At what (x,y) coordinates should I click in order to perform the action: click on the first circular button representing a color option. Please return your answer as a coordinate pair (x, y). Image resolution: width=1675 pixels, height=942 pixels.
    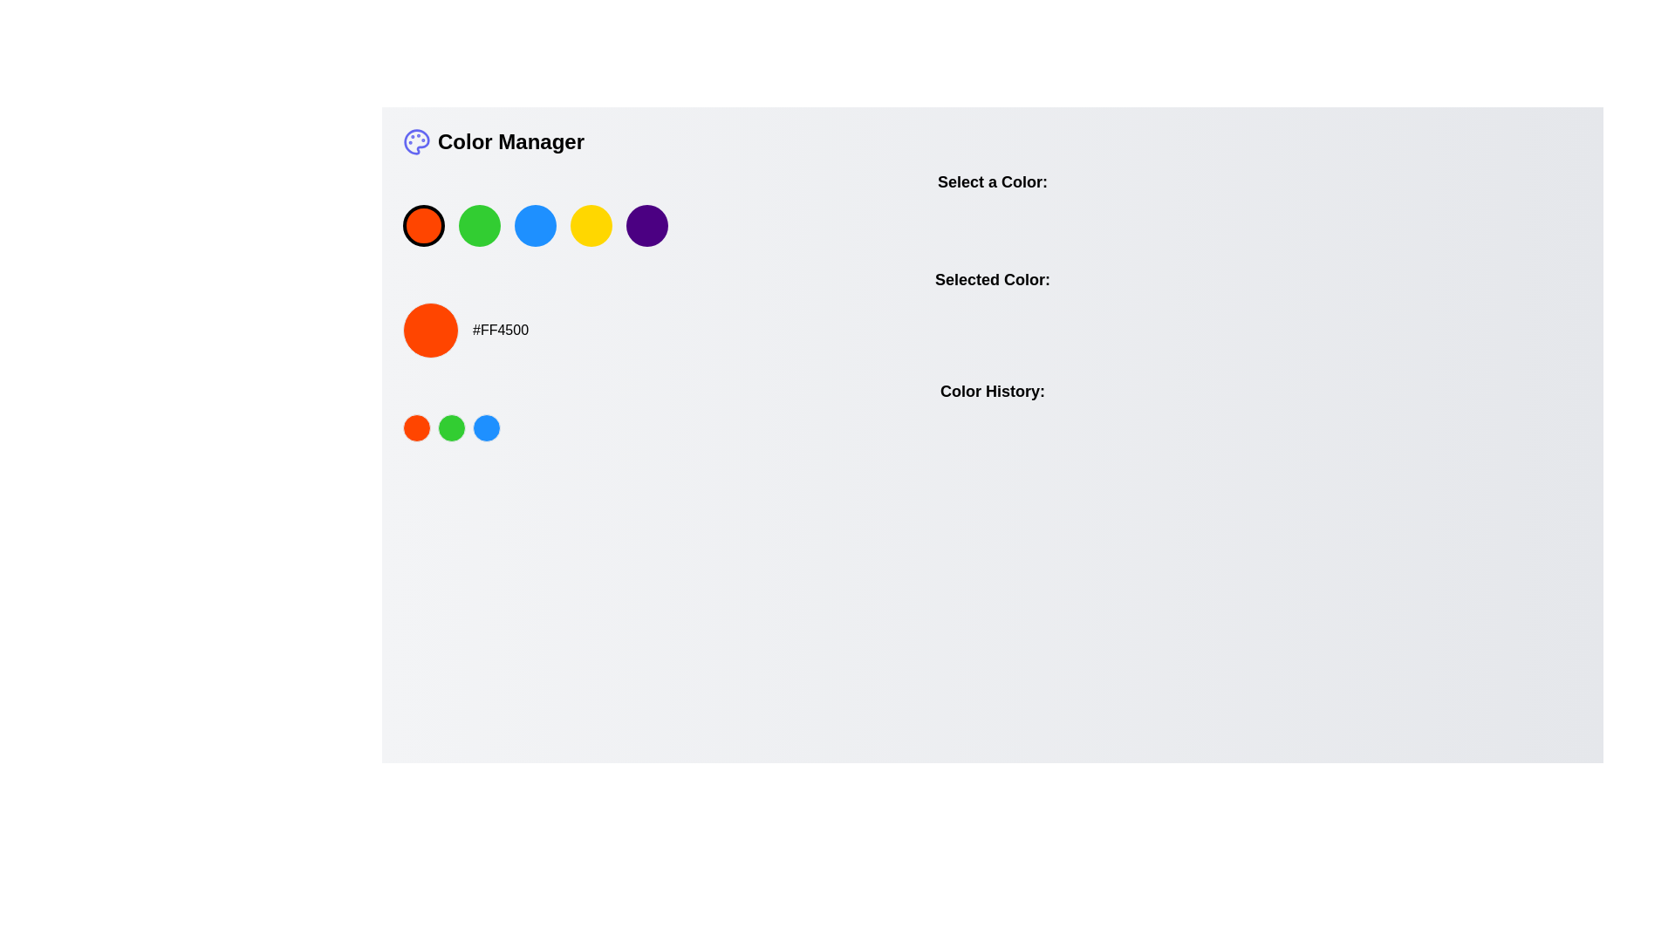
    Looking at the image, I should click on (416, 427).